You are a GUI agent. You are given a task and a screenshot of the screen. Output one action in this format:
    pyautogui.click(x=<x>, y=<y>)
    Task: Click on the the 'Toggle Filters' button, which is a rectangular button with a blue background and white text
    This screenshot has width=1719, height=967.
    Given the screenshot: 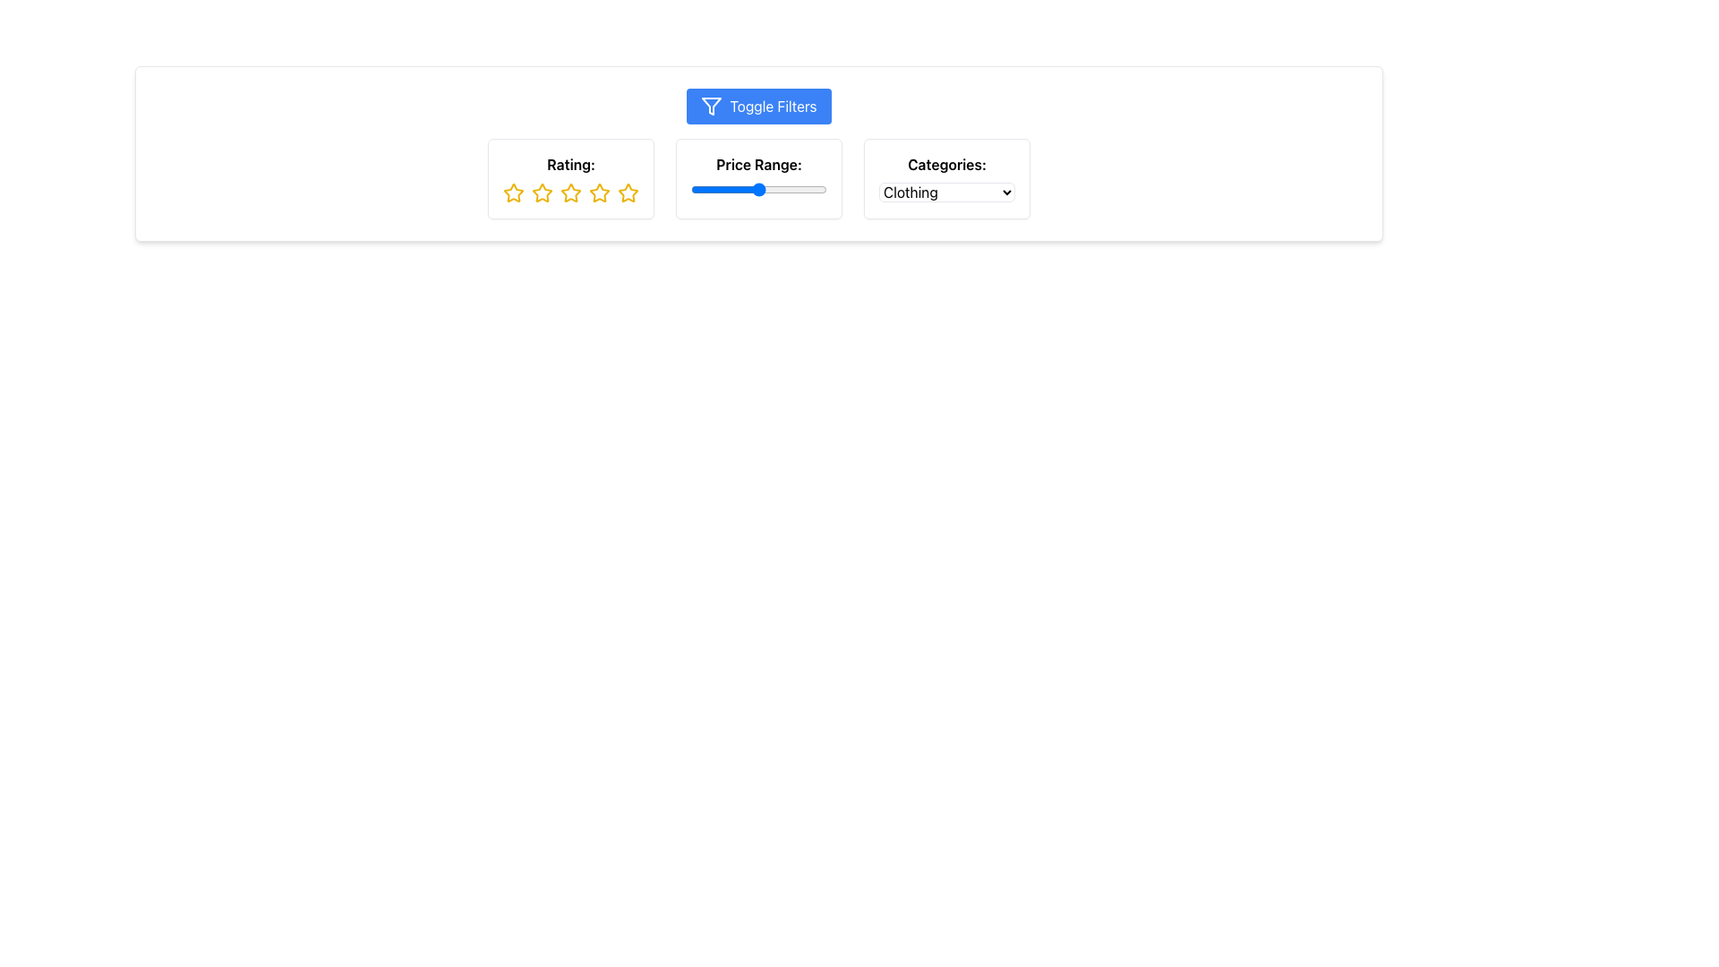 What is the action you would take?
    pyautogui.click(x=759, y=107)
    